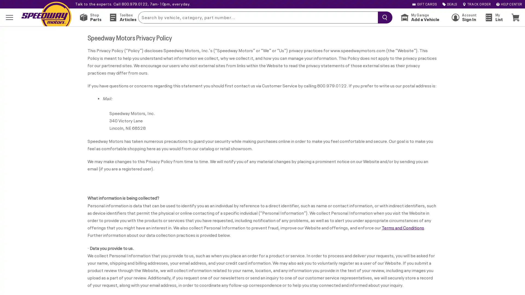 The height and width of the screenshot is (295, 525). Describe the element at coordinates (122, 17) in the screenshot. I see `Toolbox Articles` at that location.